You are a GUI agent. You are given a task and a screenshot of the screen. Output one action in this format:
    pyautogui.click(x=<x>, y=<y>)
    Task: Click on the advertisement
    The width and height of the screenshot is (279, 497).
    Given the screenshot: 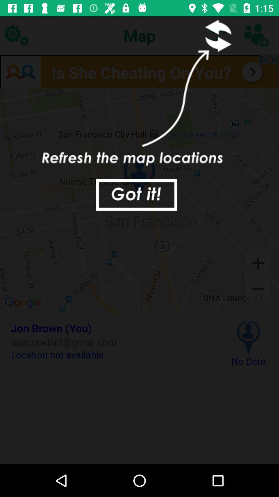 What is the action you would take?
    pyautogui.click(x=139, y=71)
    